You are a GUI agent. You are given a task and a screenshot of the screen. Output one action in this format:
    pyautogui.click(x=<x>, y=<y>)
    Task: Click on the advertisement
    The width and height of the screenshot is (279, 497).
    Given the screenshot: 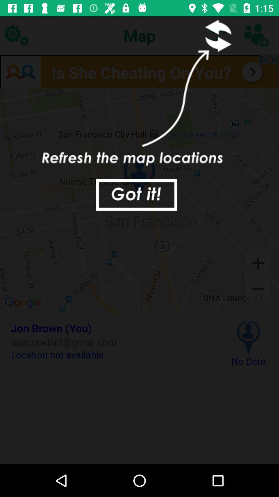 What is the action you would take?
    pyautogui.click(x=139, y=71)
    